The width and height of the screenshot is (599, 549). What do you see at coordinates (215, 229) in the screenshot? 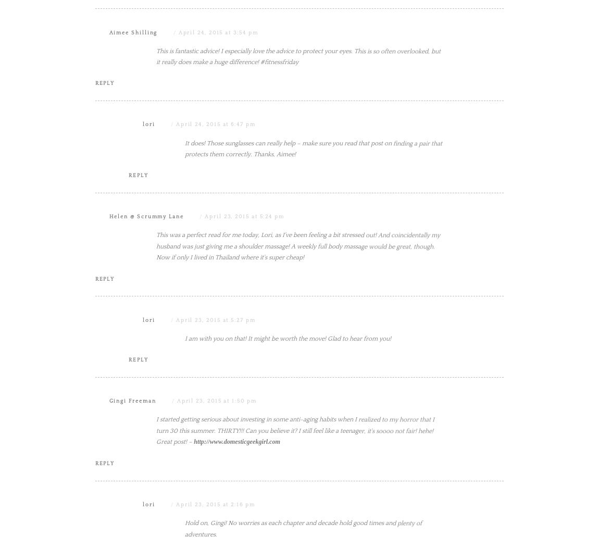
I see `'April 24, 2015 at 6:47 pm'` at bounding box center [215, 229].